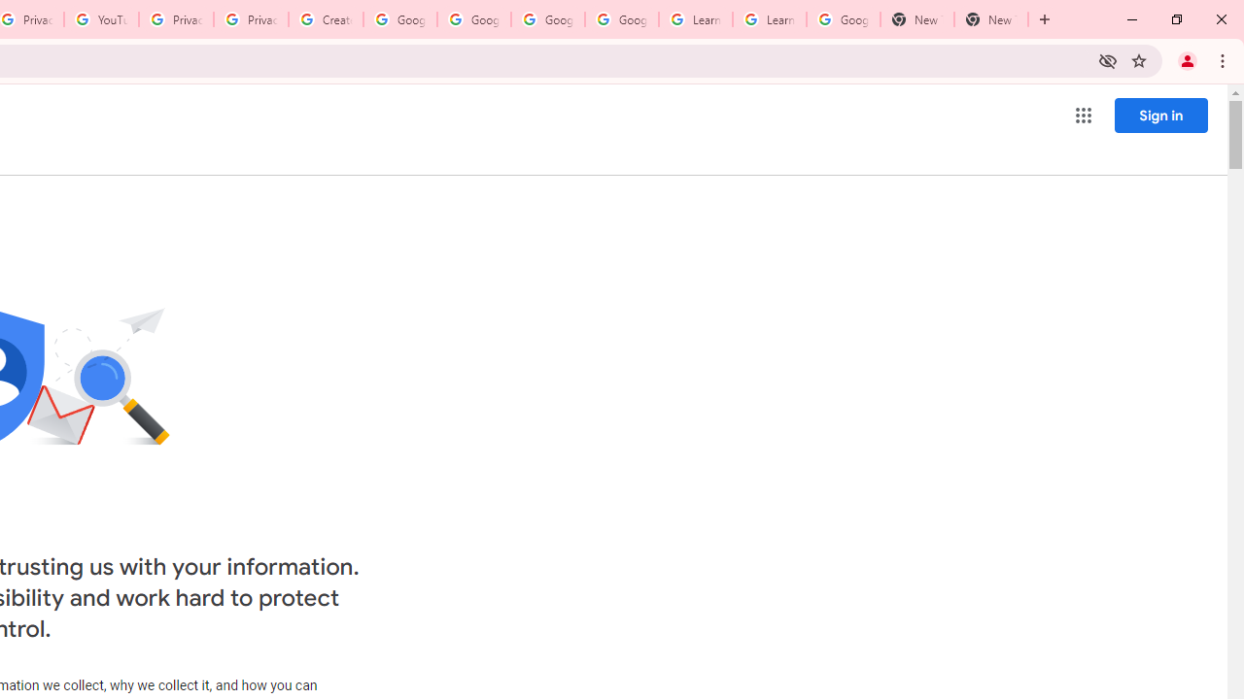 This screenshot has width=1244, height=699. I want to click on 'Google Account Help', so click(399, 19).